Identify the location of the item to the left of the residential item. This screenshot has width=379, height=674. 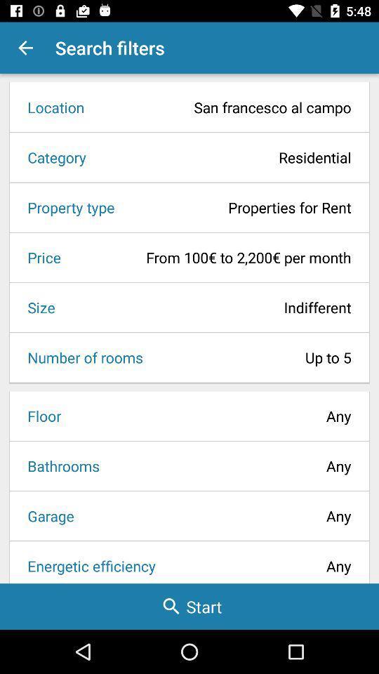
(51, 157).